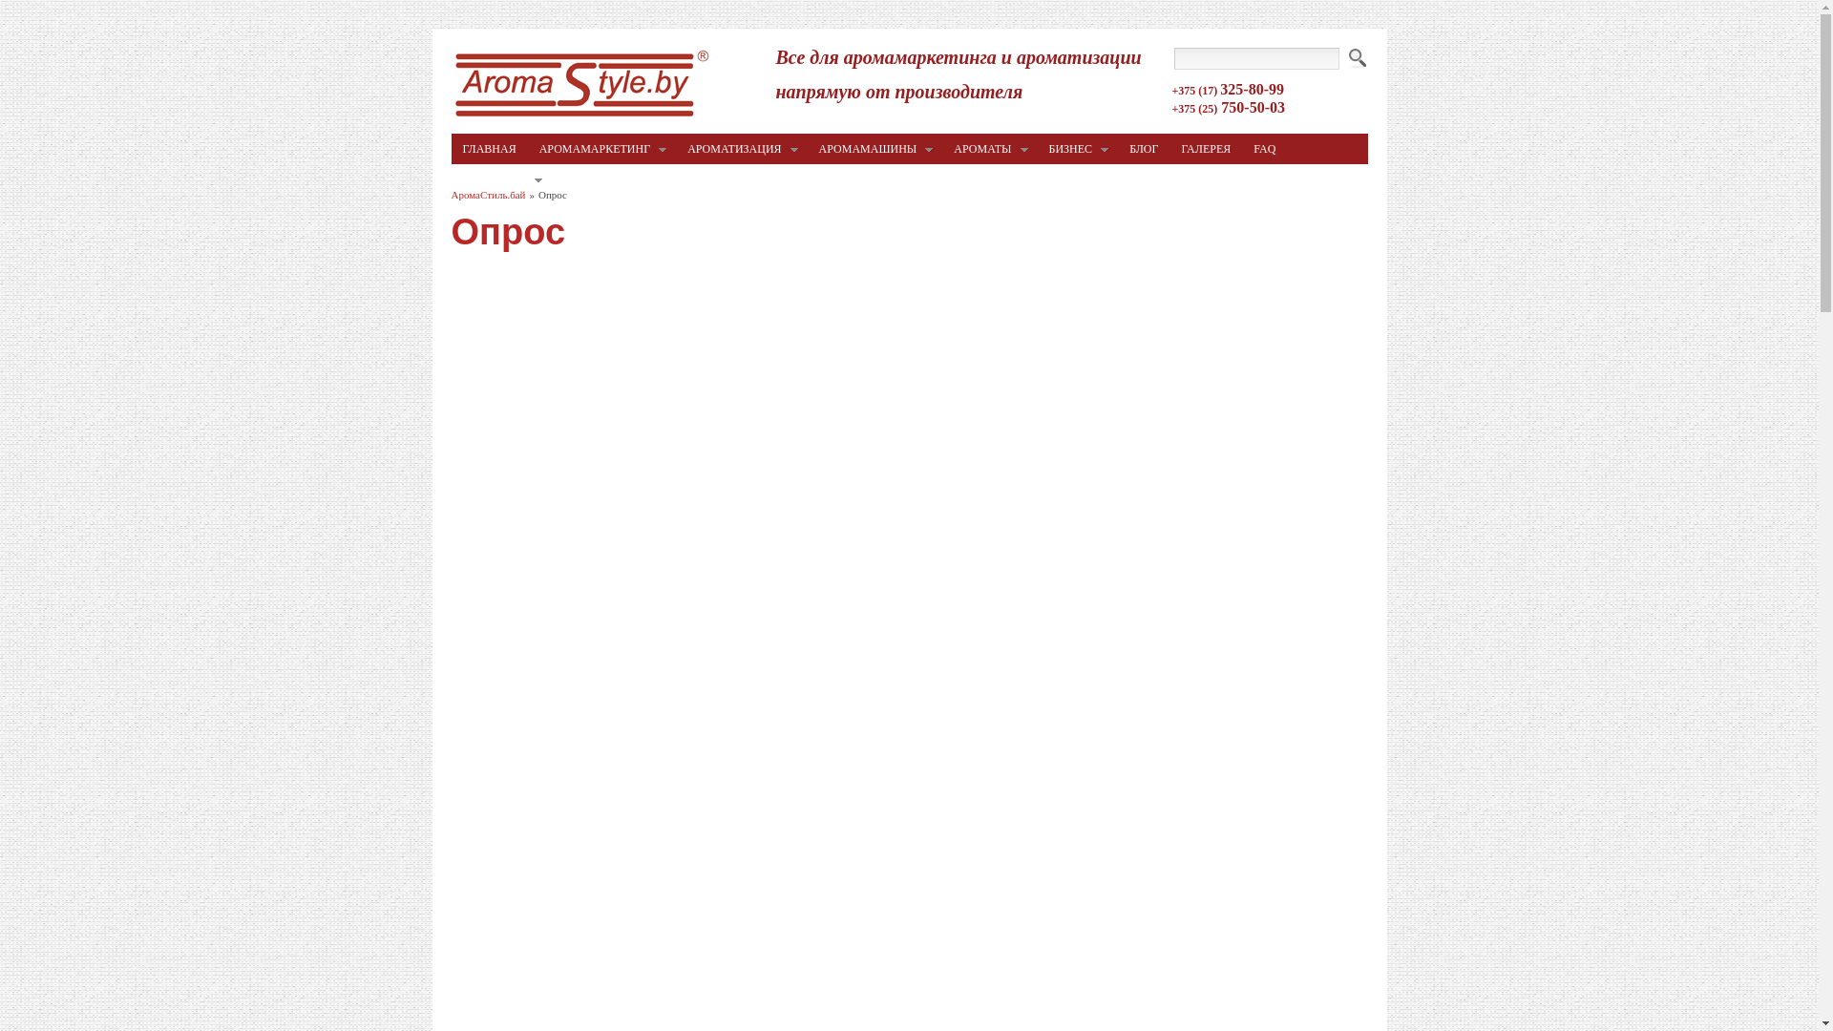 Image resolution: width=1833 pixels, height=1031 pixels. Describe the element at coordinates (1264, 147) in the screenshot. I see `'FAQ'` at that location.